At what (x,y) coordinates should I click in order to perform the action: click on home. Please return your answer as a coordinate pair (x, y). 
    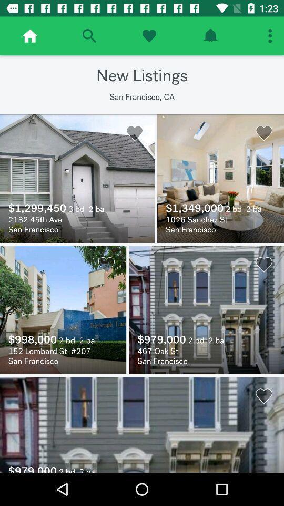
    Looking at the image, I should click on (30, 36).